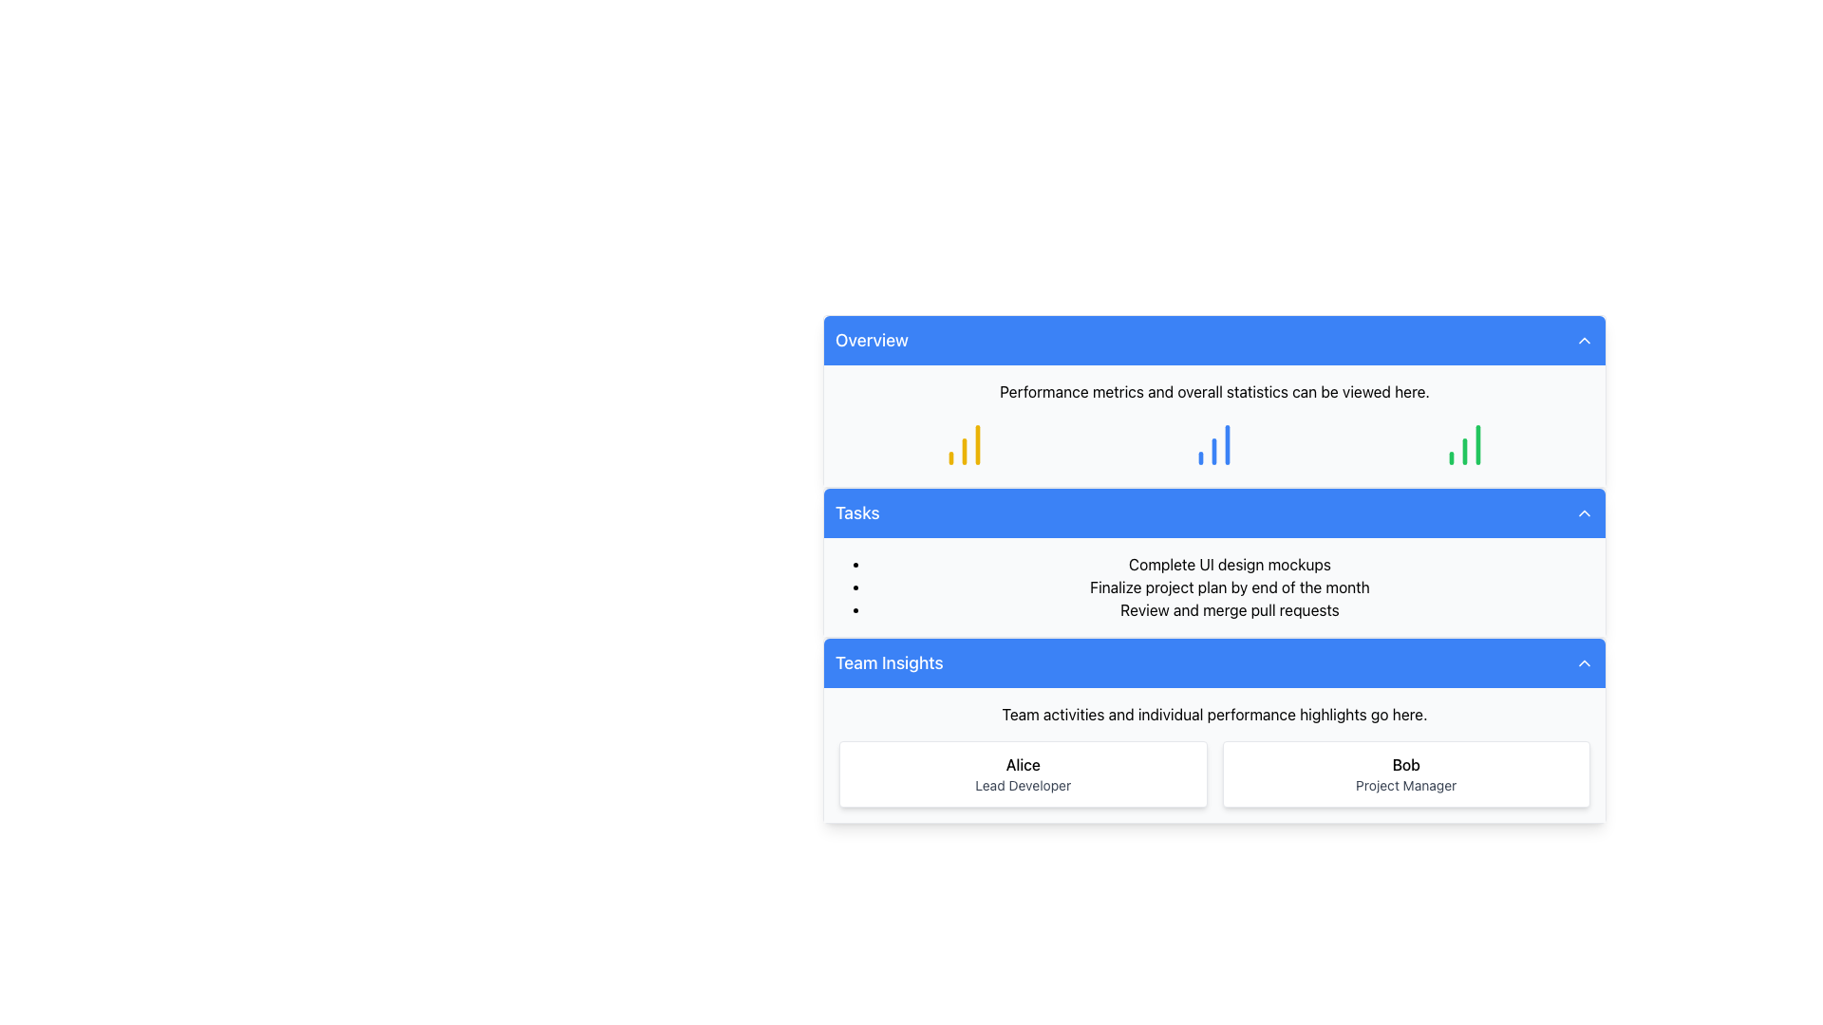 The image size is (1823, 1025). What do you see at coordinates (1464, 445) in the screenshot?
I see `the last bar chart icon in the 'Overview' section that visually represents an increasing trend in data` at bounding box center [1464, 445].